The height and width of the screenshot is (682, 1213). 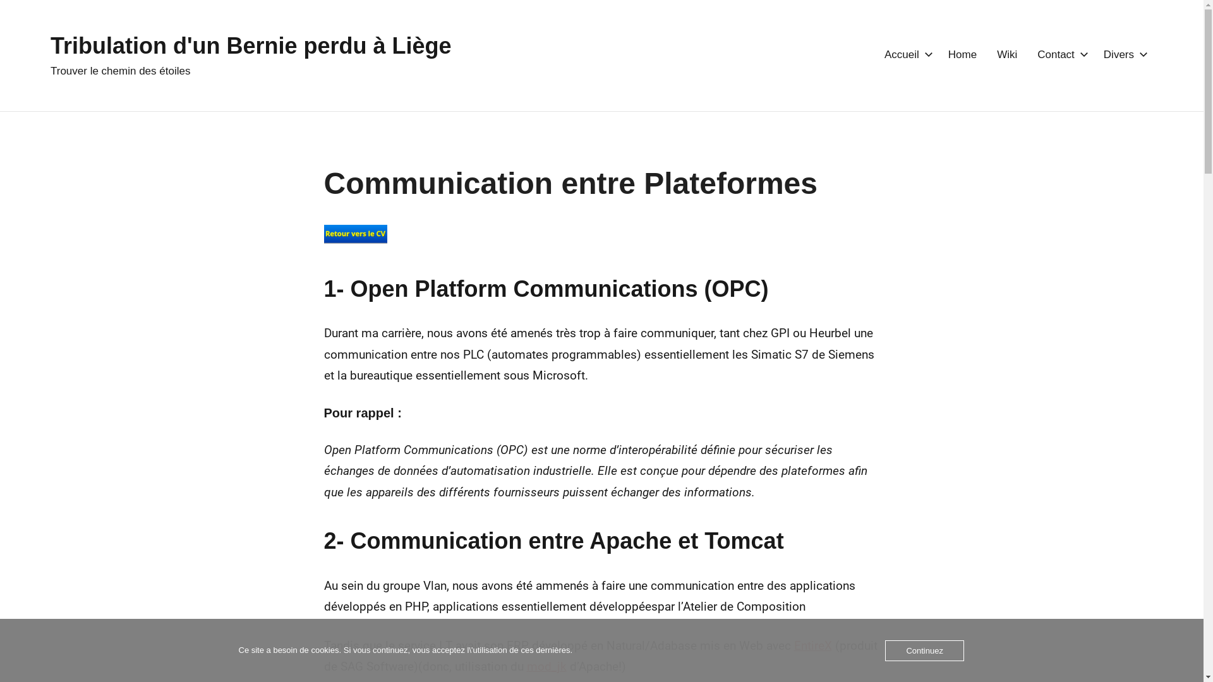 What do you see at coordinates (924, 650) in the screenshot?
I see `'Continuez'` at bounding box center [924, 650].